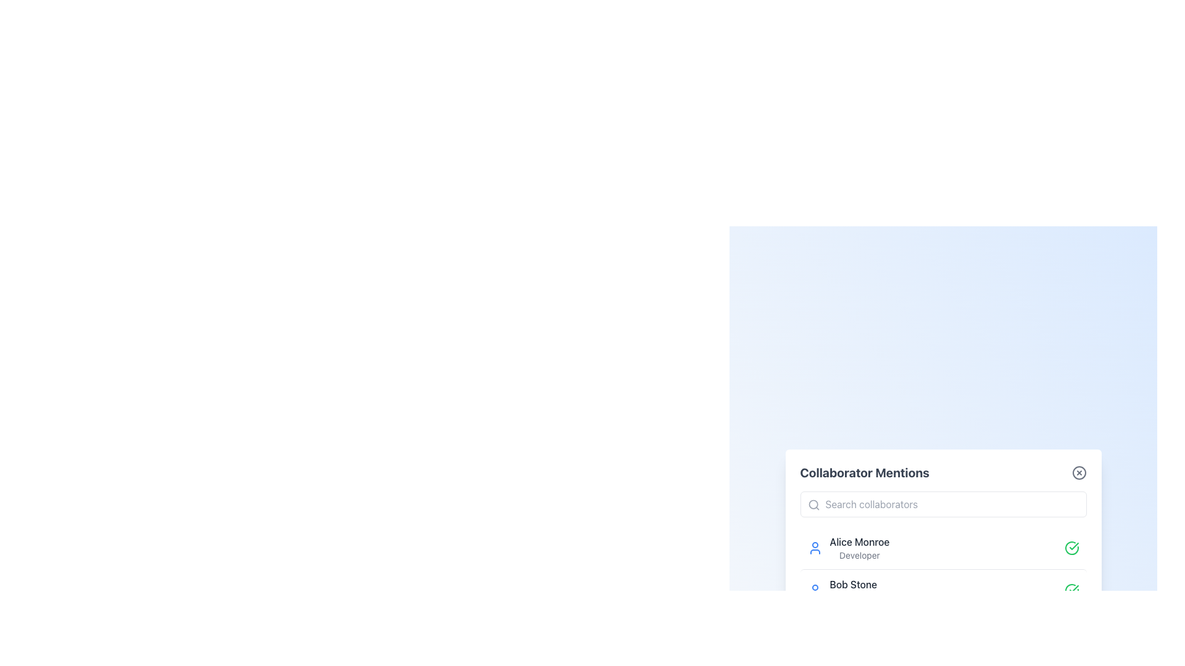 This screenshot has width=1185, height=666. I want to click on the appearance of the search icon represented by a magnifying glass, located to the left of the text input field for 'Search collaborators.', so click(813, 504).